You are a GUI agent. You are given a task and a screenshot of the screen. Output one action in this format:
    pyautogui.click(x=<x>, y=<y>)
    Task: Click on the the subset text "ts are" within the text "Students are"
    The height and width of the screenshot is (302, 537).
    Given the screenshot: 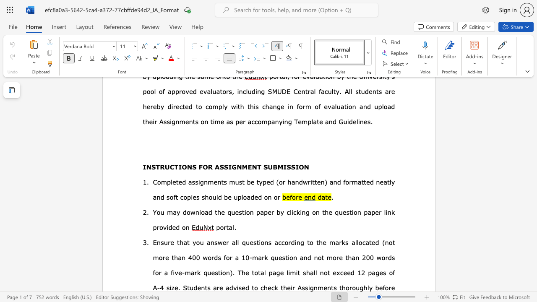 What is the action you would take?
    pyautogui.click(x=205, y=287)
    